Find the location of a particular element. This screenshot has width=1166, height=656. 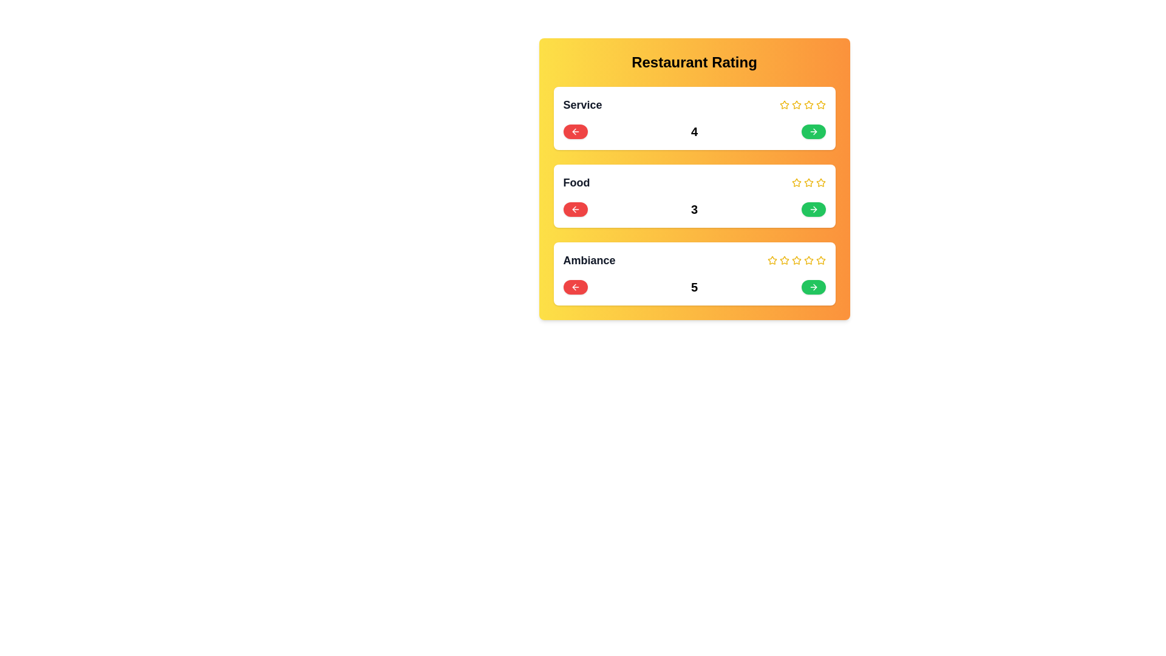

the numerical display element showing the value '5', which is located in the 'Ambiance' section of the 'Restaurant Rating' card, positioned between a red left-pointing arrow and a green right-pointing arrow is located at coordinates (694, 287).